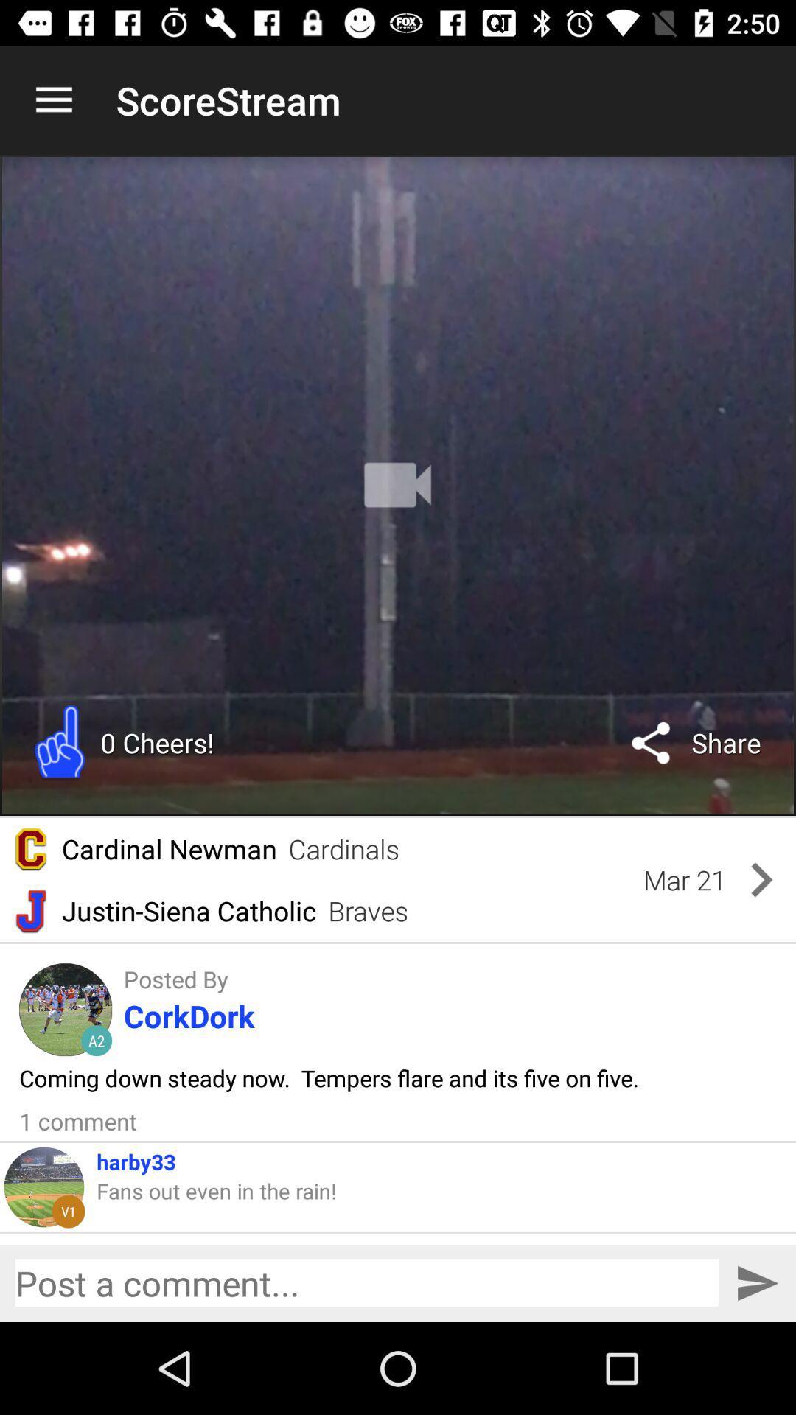 Image resolution: width=796 pixels, height=1415 pixels. I want to click on the 0 cheers! item, so click(157, 743).